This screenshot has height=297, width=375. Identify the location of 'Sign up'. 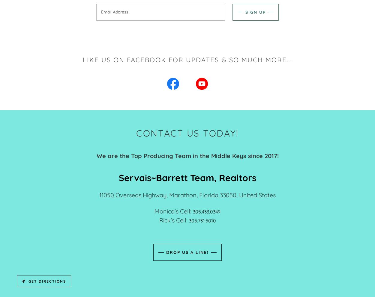
(255, 11).